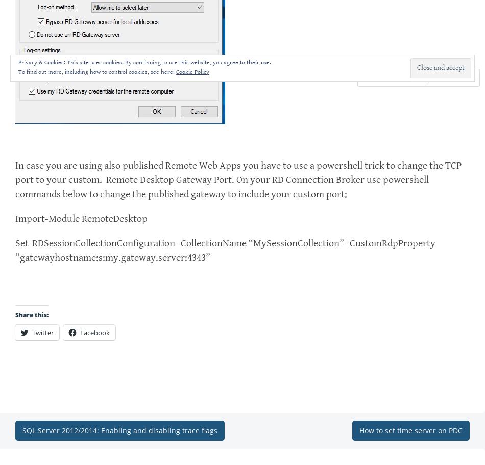  Describe the element at coordinates (377, 77) in the screenshot. I see `'Comment'` at that location.